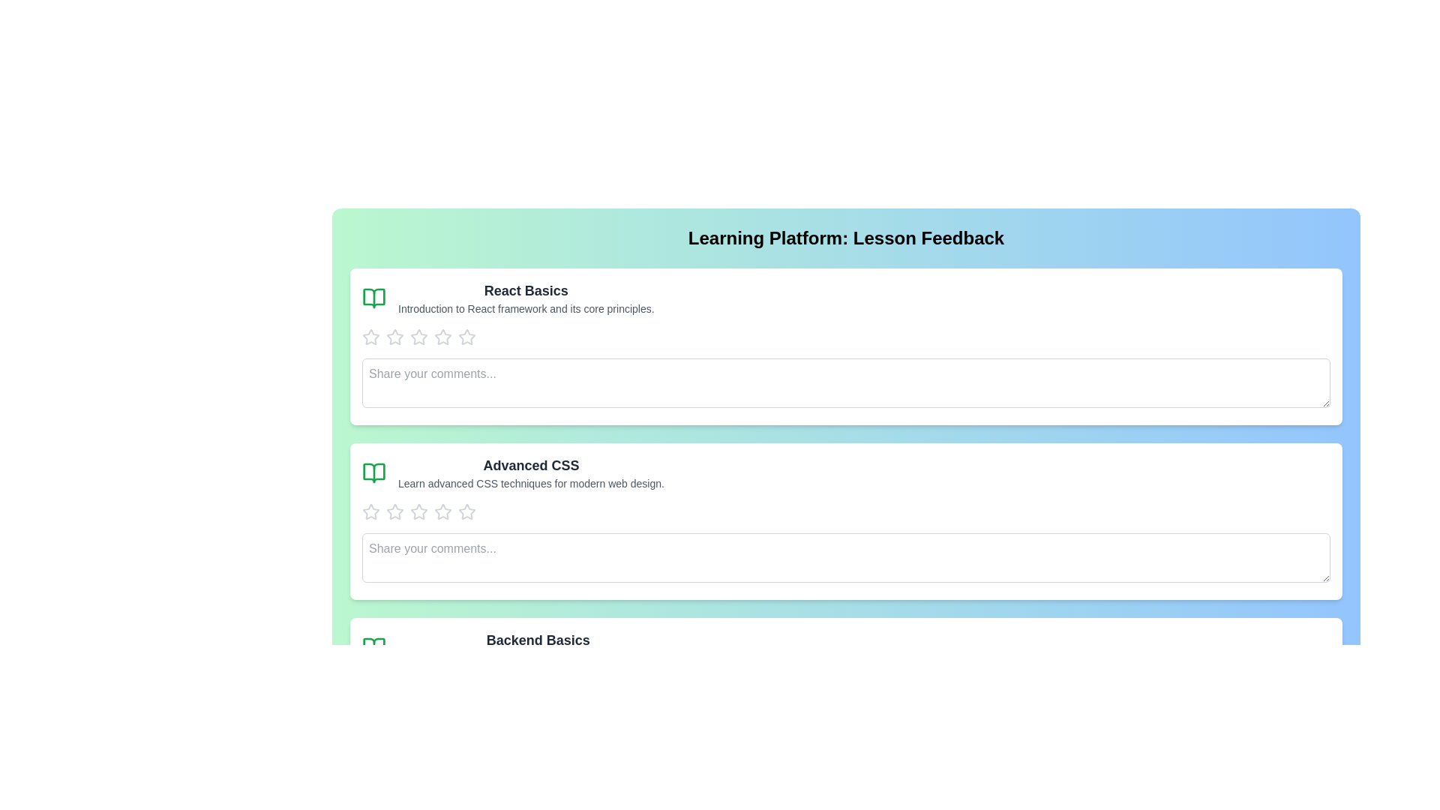 This screenshot has height=810, width=1440. Describe the element at coordinates (466, 511) in the screenshot. I see `the fourth star icon in the rating bar under the 'Advanced CSS' course card` at that location.